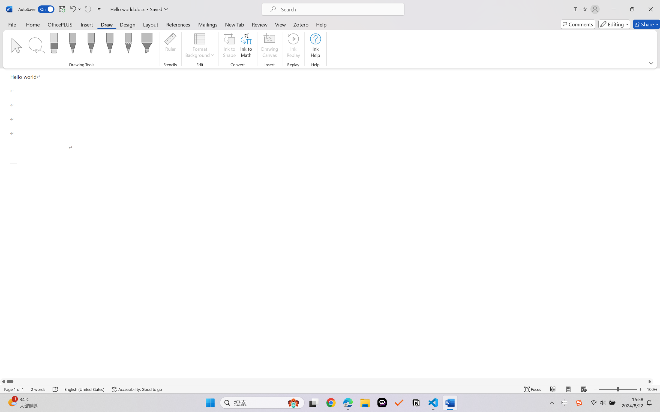  I want to click on 'Insert', so click(86, 24).